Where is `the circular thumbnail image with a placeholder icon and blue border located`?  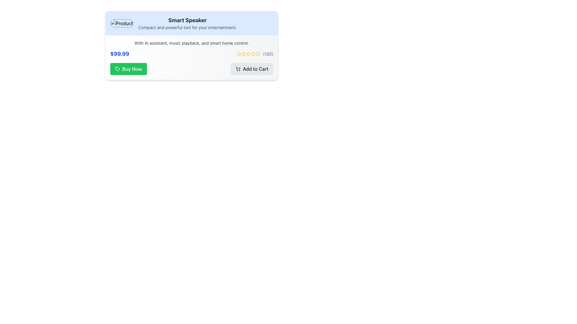
the circular thumbnail image with a placeholder icon and blue border located is located at coordinates (121, 23).